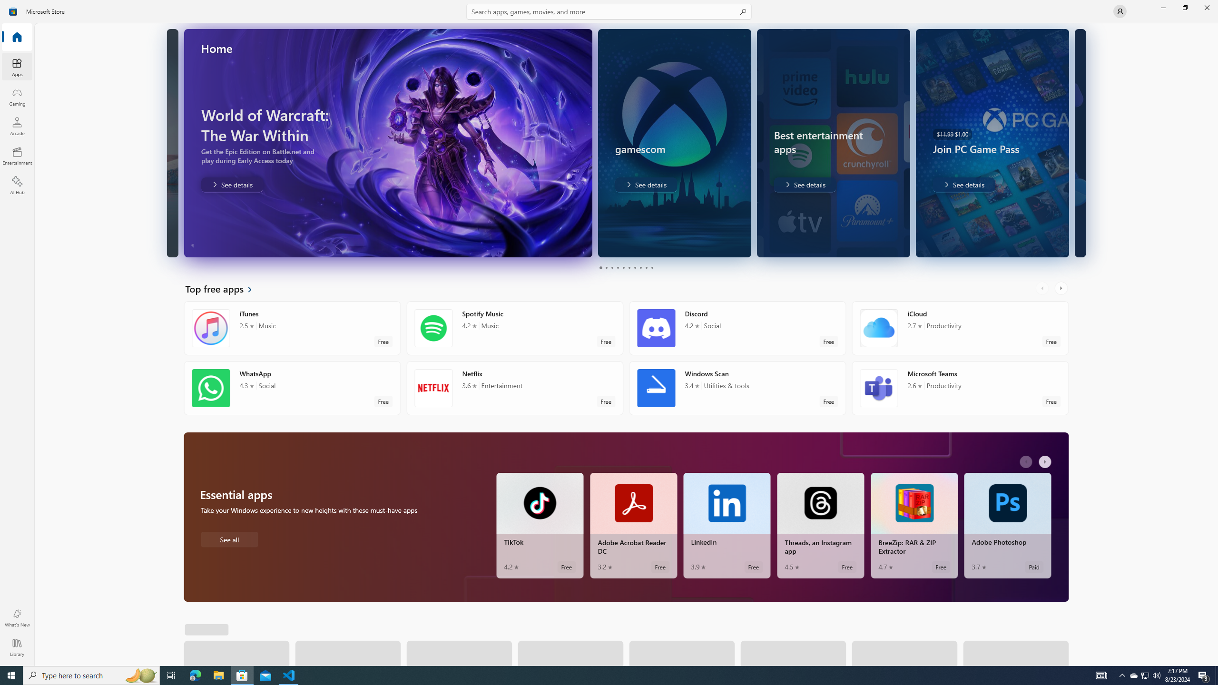 This screenshot has height=685, width=1218. What do you see at coordinates (609, 11) in the screenshot?
I see `'Search'` at bounding box center [609, 11].